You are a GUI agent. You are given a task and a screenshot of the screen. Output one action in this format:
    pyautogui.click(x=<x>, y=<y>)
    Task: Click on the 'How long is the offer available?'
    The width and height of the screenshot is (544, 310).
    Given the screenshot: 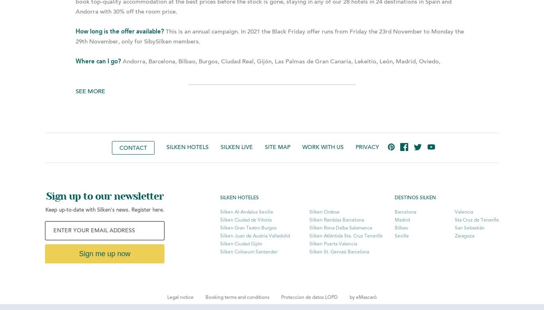 What is the action you would take?
    pyautogui.click(x=120, y=31)
    